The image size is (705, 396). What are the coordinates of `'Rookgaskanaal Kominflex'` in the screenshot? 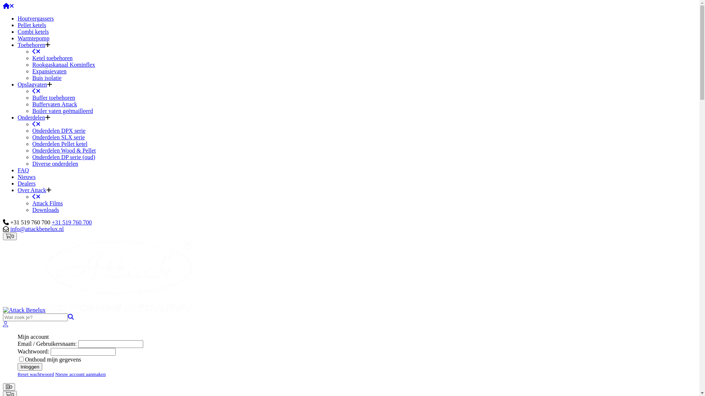 It's located at (64, 64).